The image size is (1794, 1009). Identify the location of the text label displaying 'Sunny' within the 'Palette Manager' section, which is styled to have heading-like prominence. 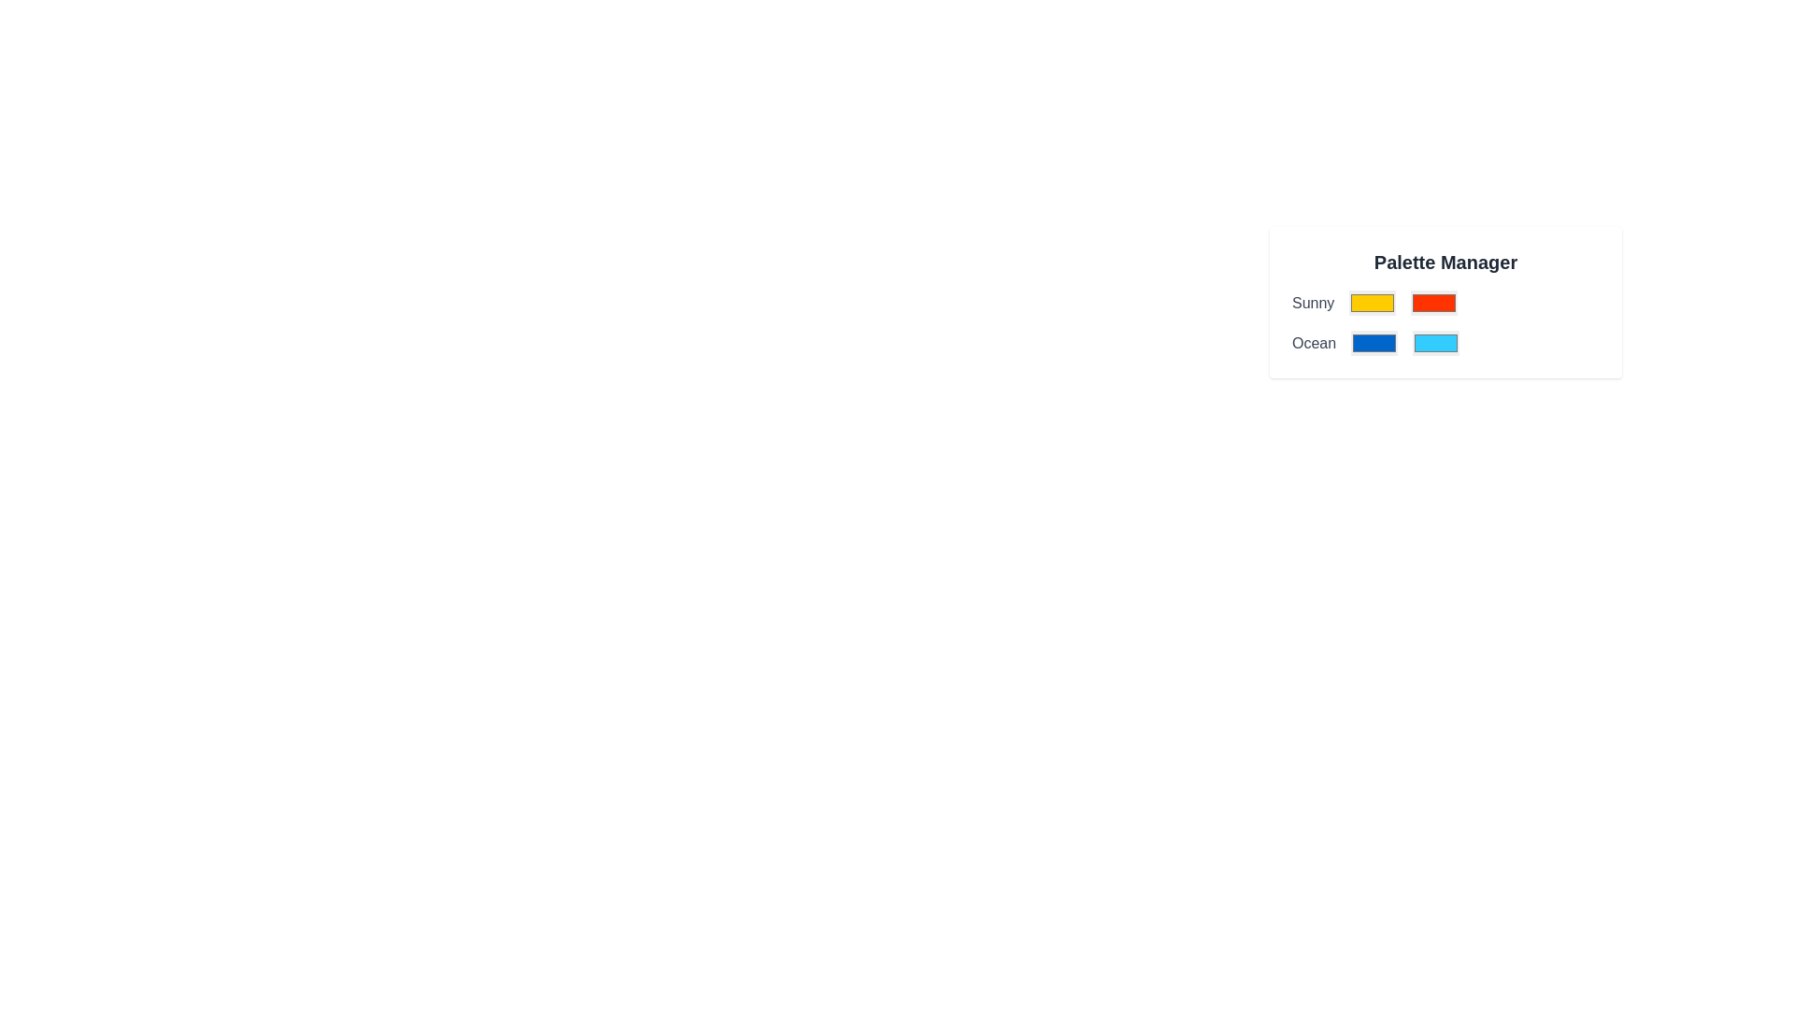
(1312, 302).